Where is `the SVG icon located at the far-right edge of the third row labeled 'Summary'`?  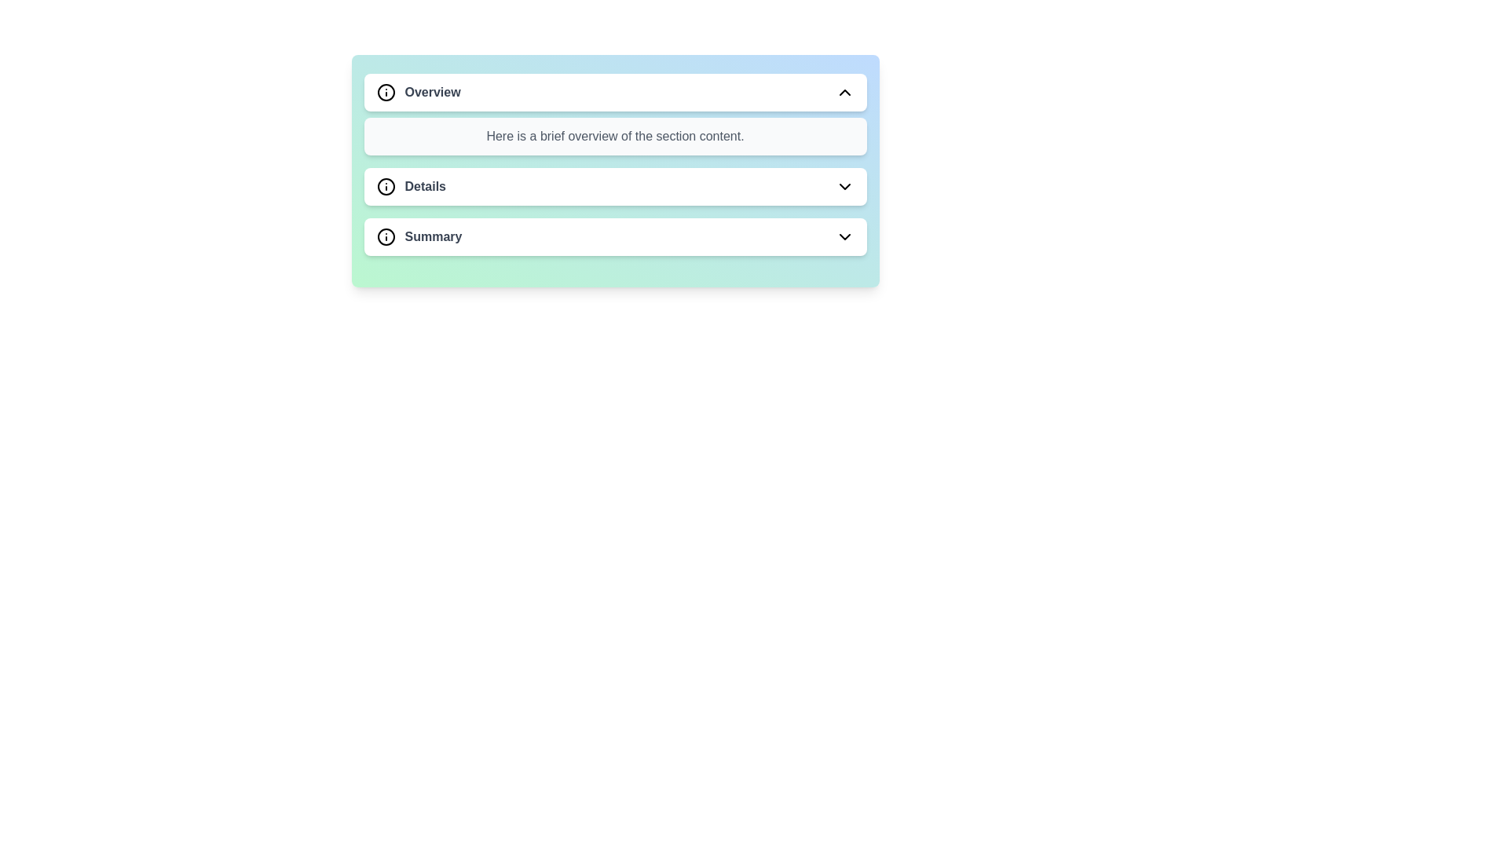
the SVG icon located at the far-right edge of the third row labeled 'Summary' is located at coordinates (844, 236).